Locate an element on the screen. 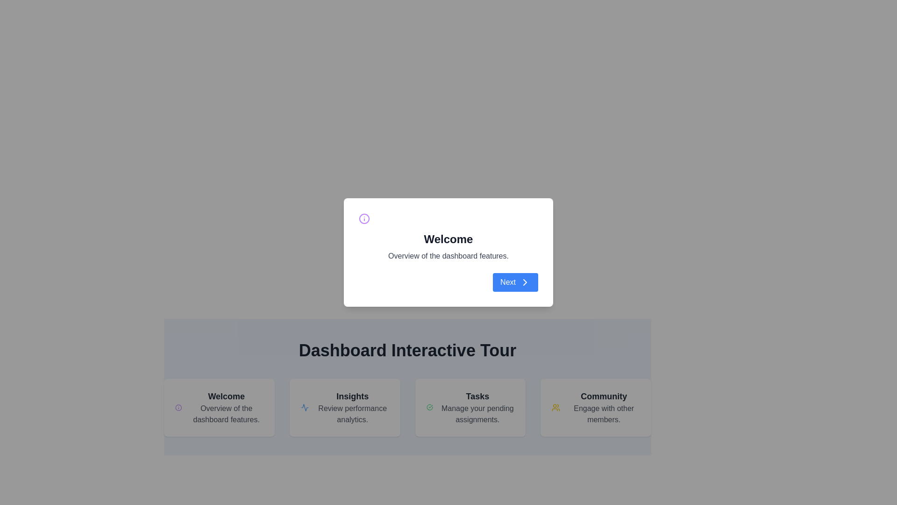 The height and width of the screenshot is (505, 897). icon located in the bottom-left panel of the 'Welcome' section, which serves as a visual indicator for additional information is located at coordinates (178, 407).